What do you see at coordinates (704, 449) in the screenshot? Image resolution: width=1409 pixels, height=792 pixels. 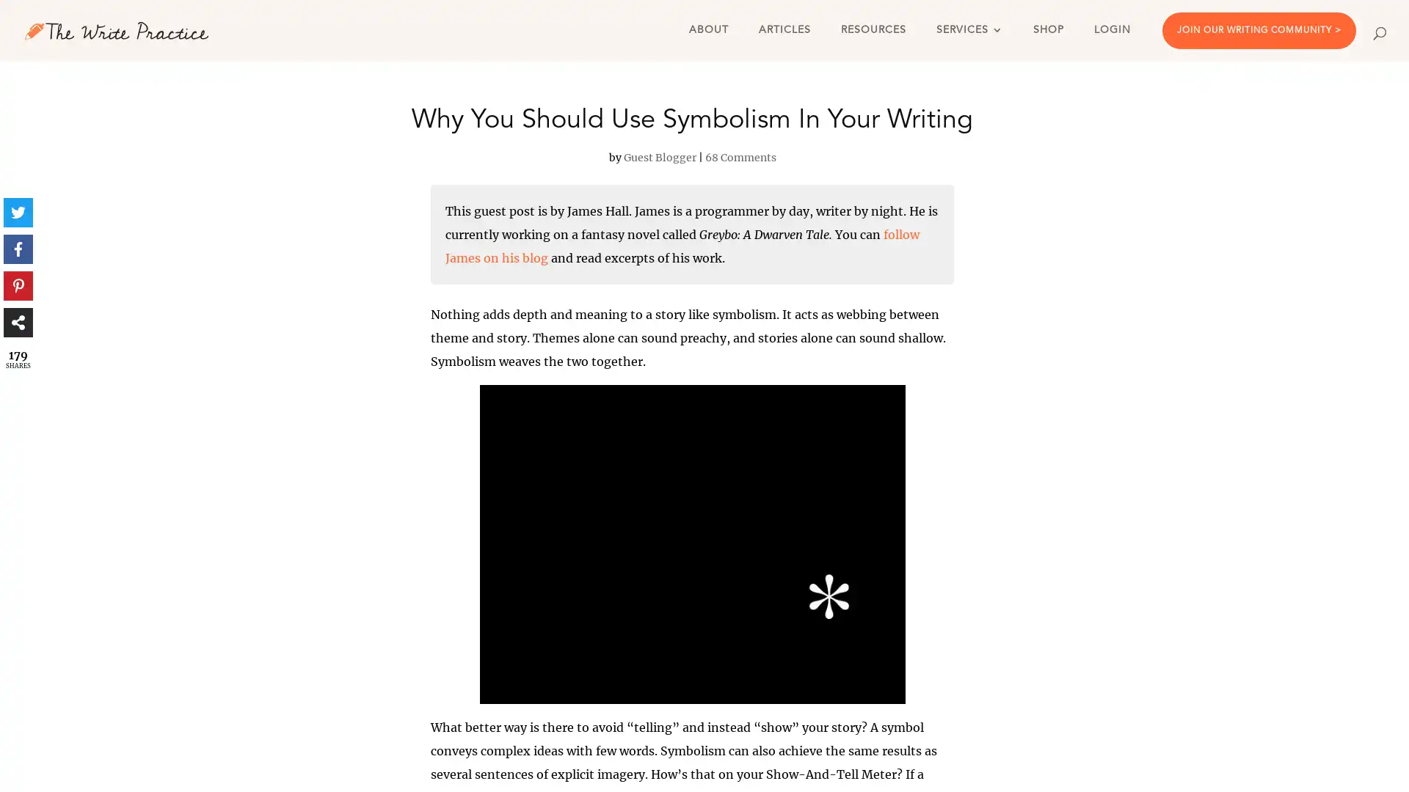 I see `Send me the guide` at bounding box center [704, 449].